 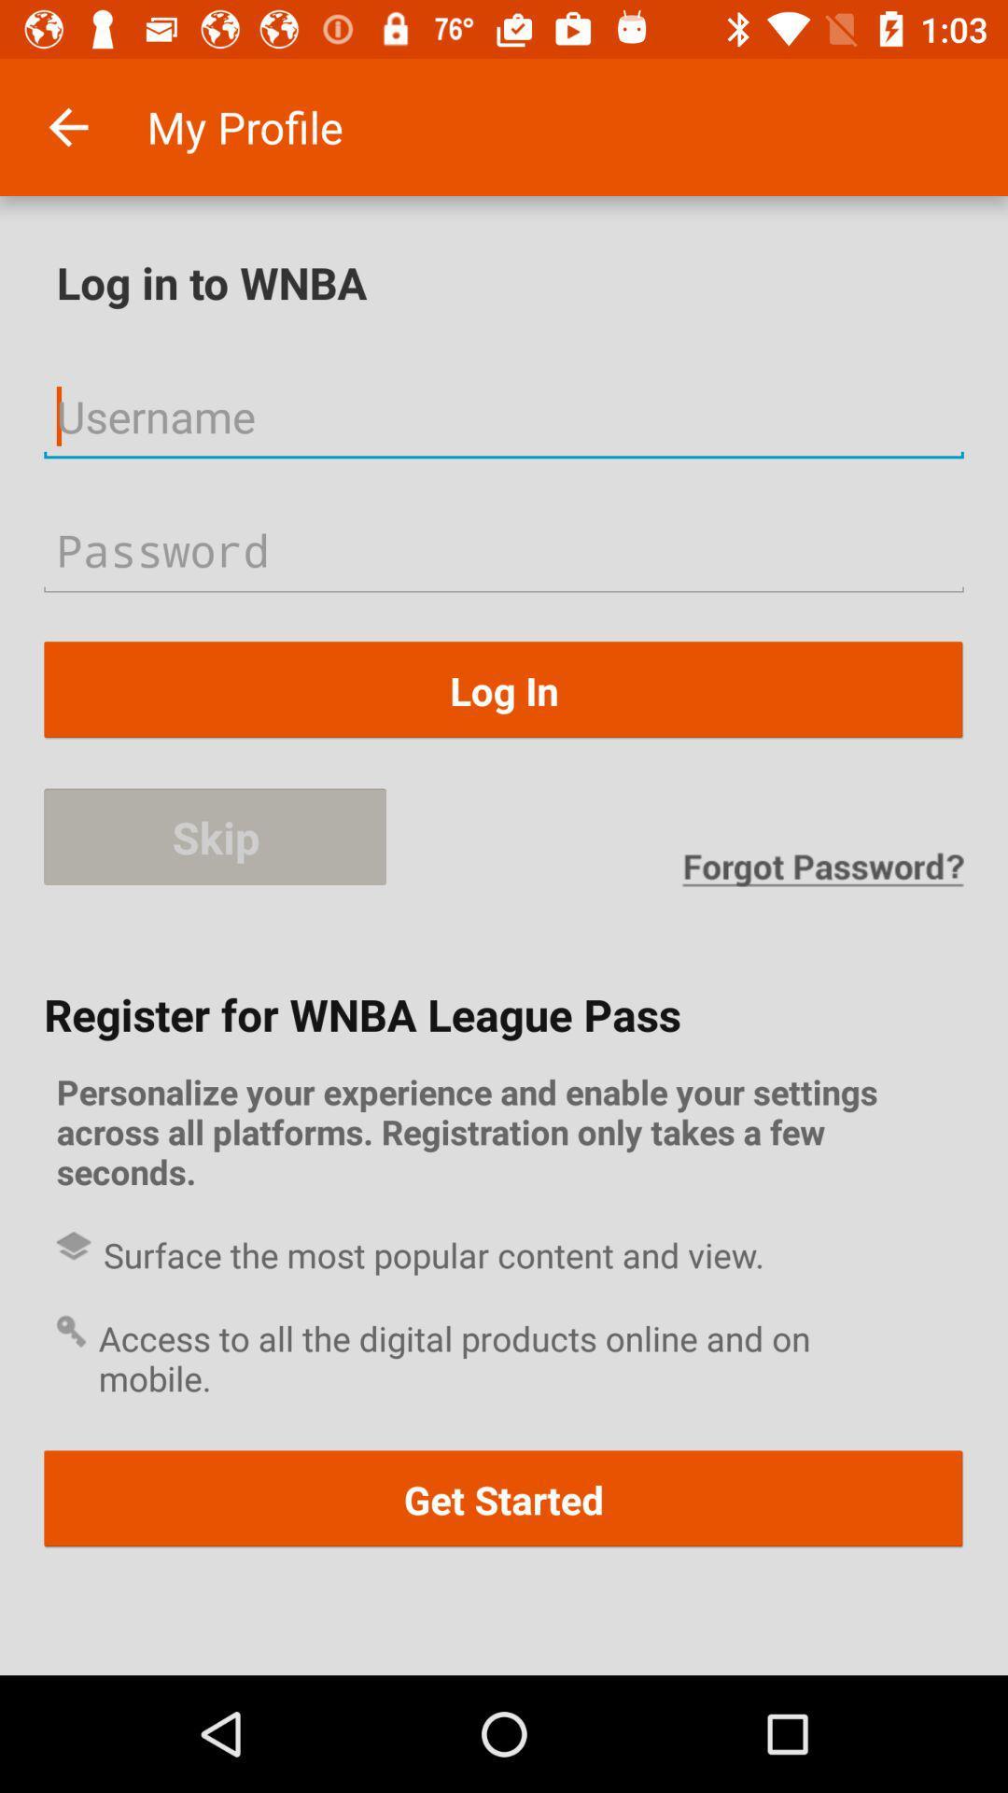 I want to click on password input, so click(x=504, y=549).